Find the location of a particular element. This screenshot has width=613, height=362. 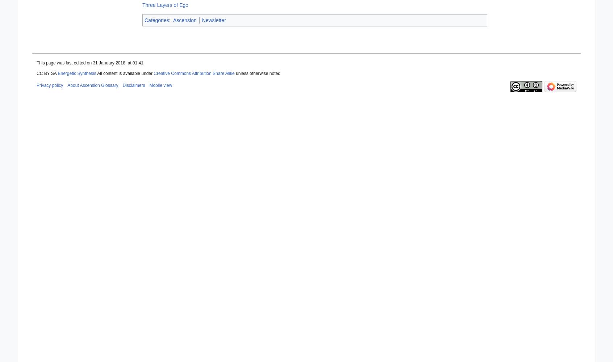

'unless otherwise noted.' is located at coordinates (257, 73).